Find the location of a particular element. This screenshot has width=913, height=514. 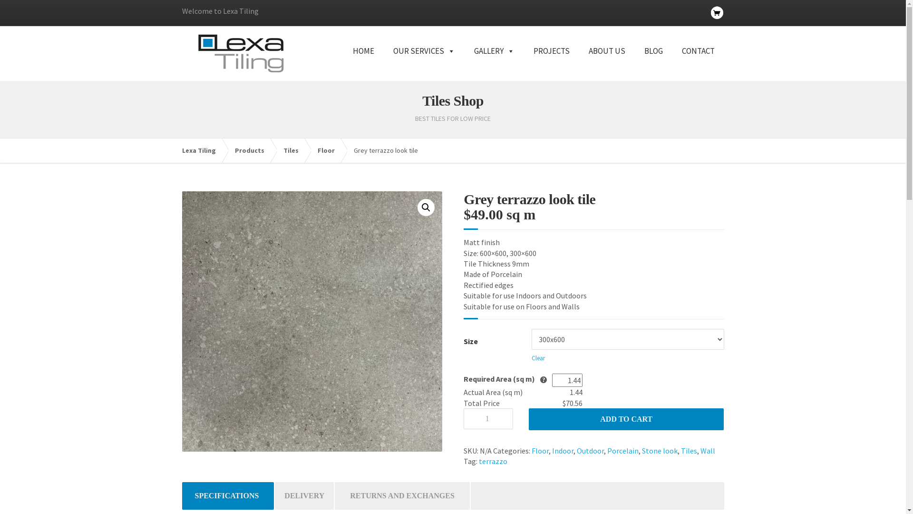

'Floor' is located at coordinates (317, 150).